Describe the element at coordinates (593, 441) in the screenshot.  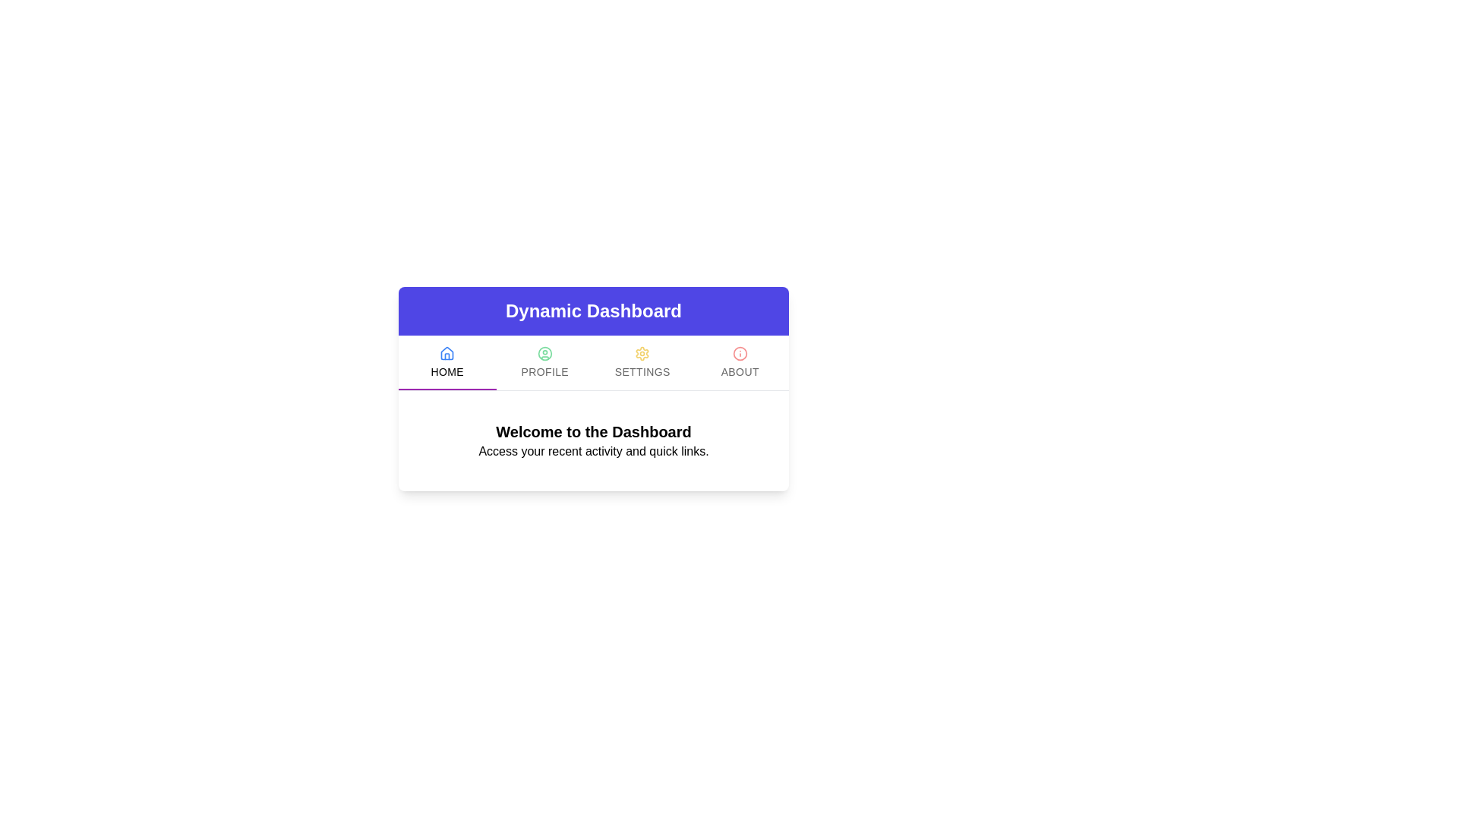
I see `greeting and introductory message from the text block located centrally in the lower portion of the interface, below the navigation bar labeled 'Dynamic Dashboard'` at that location.